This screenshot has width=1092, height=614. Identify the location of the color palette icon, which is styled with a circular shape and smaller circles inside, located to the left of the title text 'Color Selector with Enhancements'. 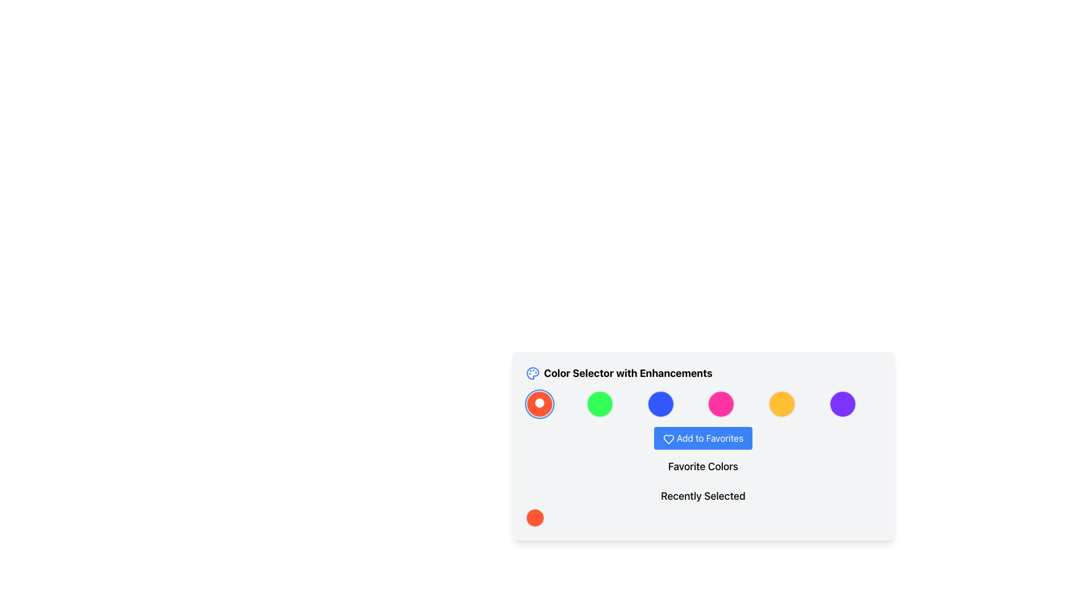
(532, 373).